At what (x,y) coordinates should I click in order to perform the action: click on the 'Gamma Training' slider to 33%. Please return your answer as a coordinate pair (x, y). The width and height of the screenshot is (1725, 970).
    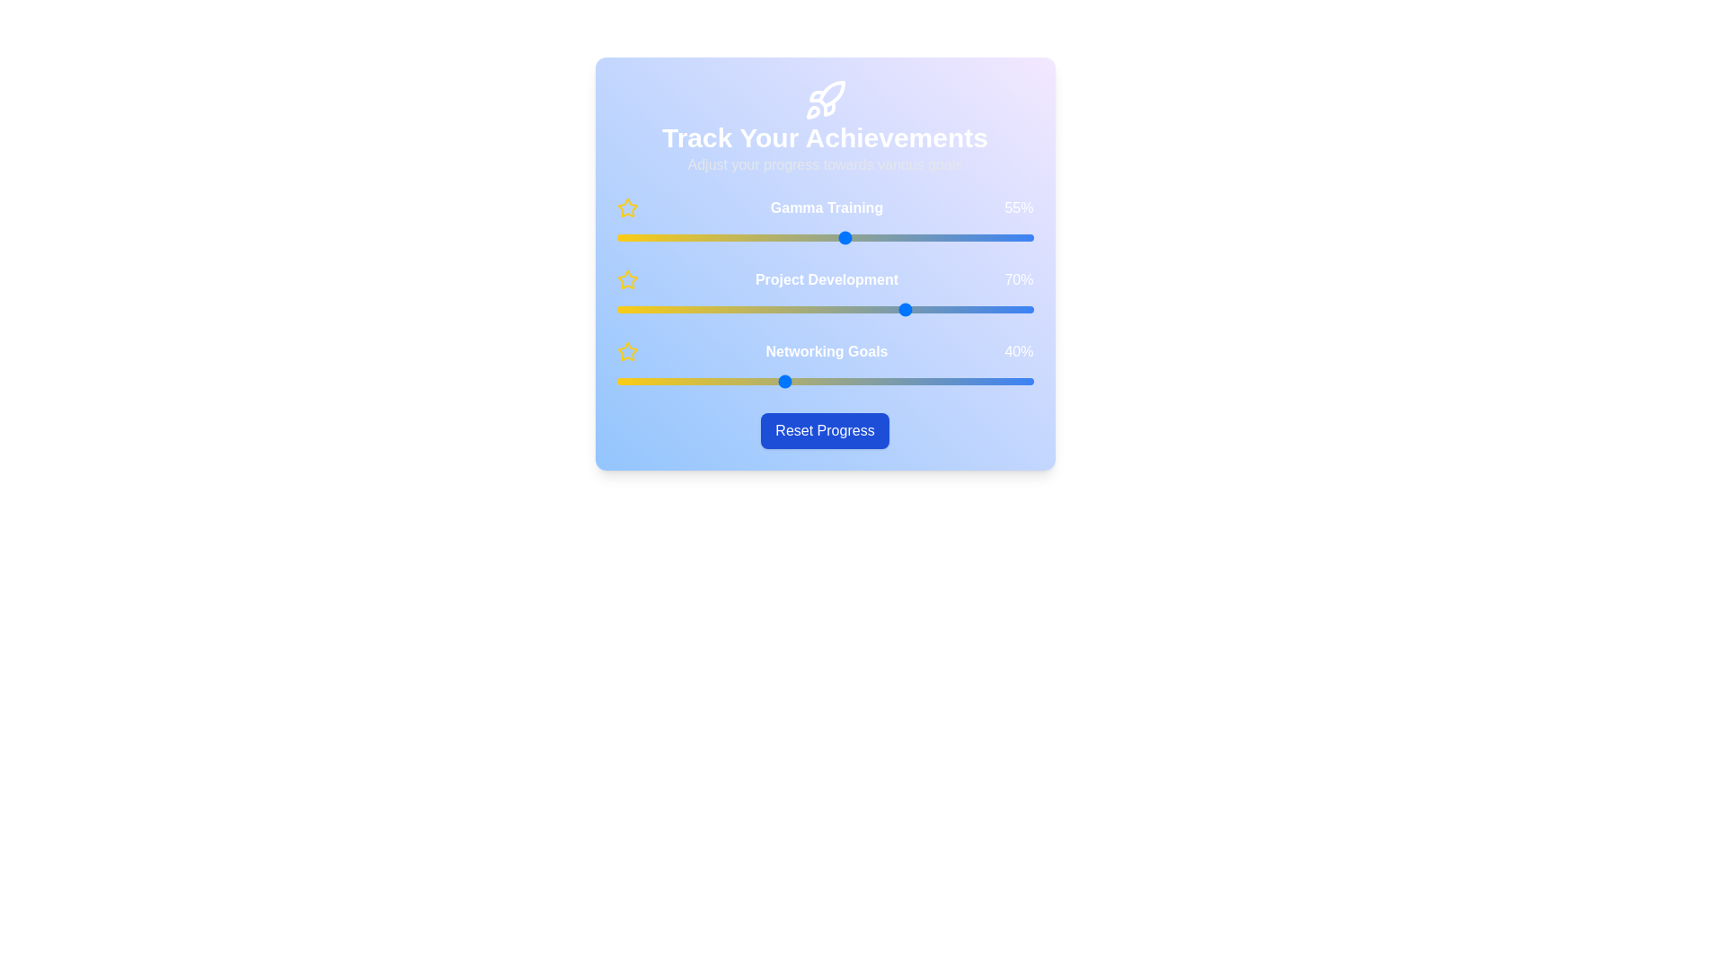
    Looking at the image, I should click on (754, 237).